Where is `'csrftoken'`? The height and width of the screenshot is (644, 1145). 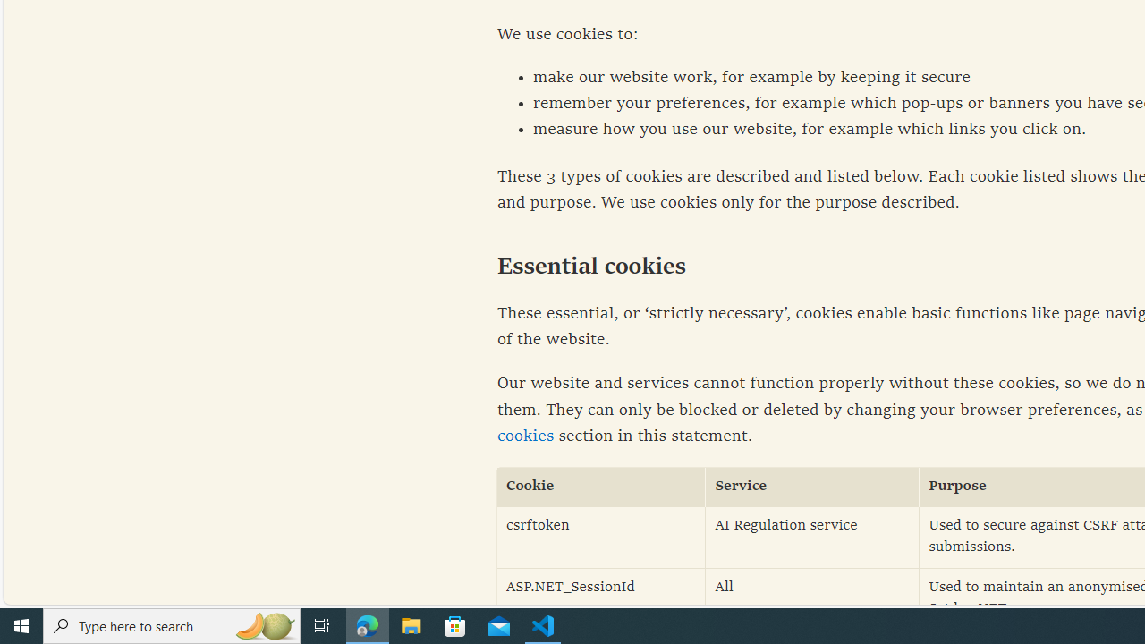 'csrftoken' is located at coordinates (601, 536).